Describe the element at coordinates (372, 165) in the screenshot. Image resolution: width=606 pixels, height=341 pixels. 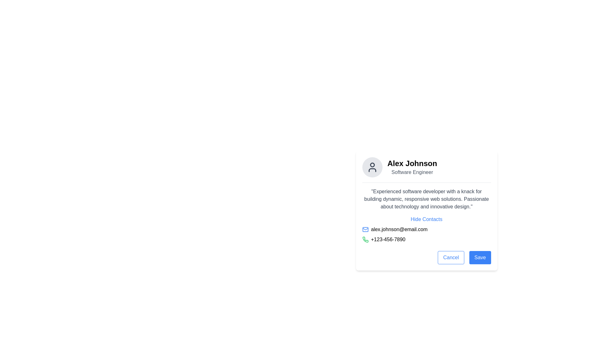
I see `the circular shape representing the head of the abstract person` at that location.